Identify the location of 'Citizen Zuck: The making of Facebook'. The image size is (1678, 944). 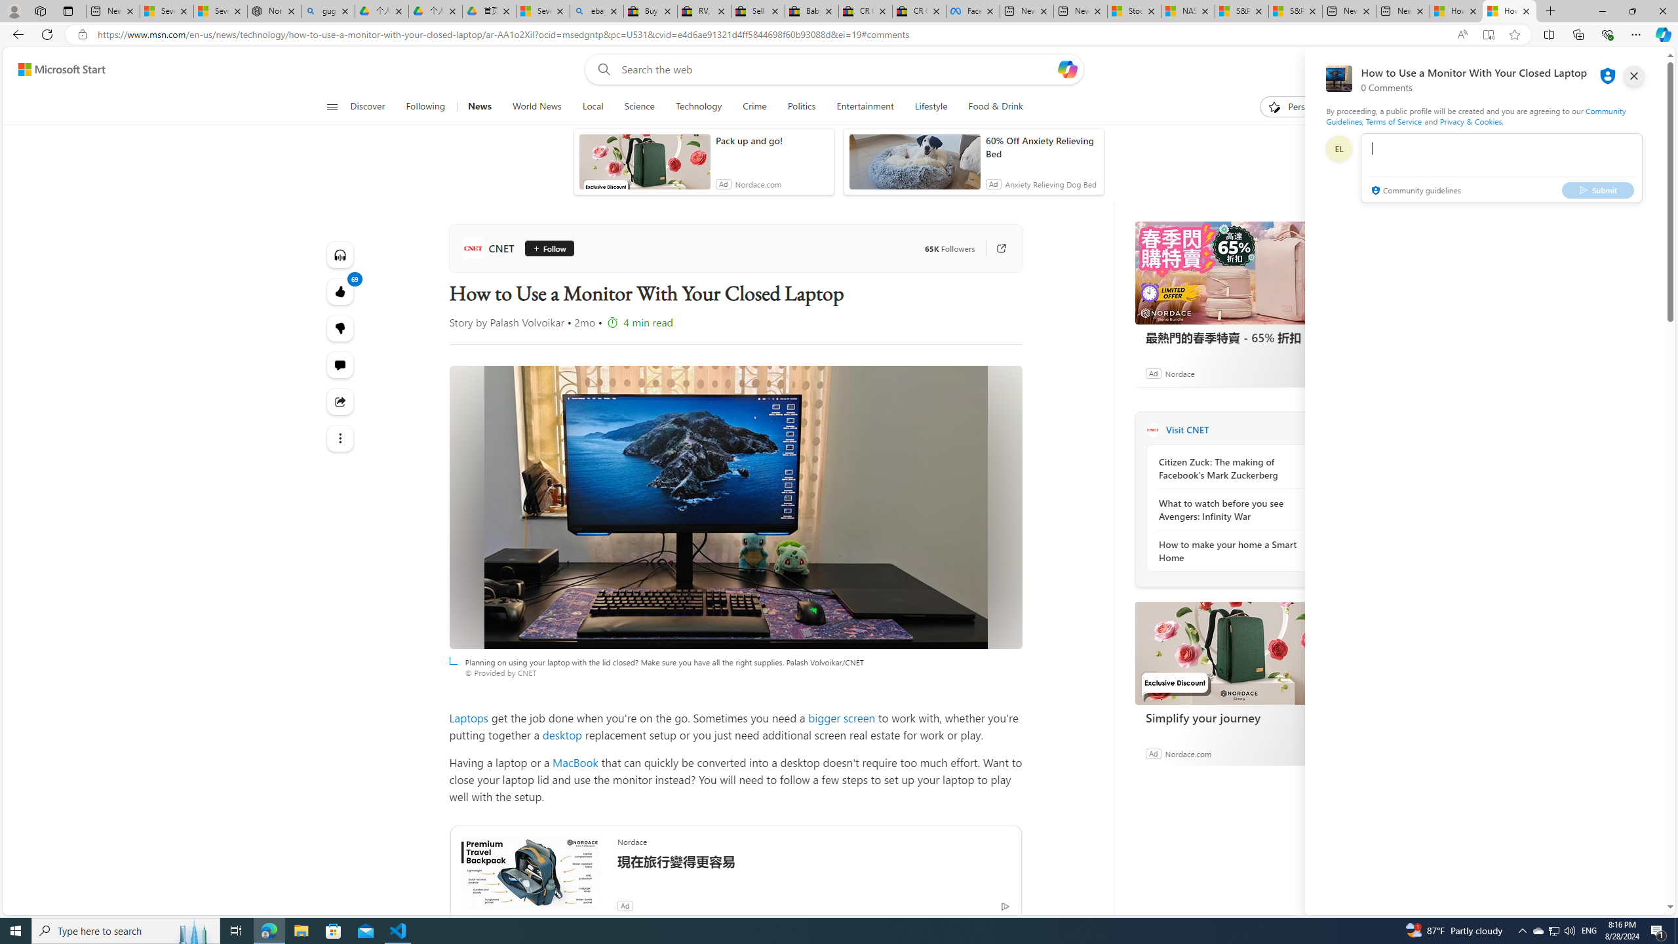
(1229, 467).